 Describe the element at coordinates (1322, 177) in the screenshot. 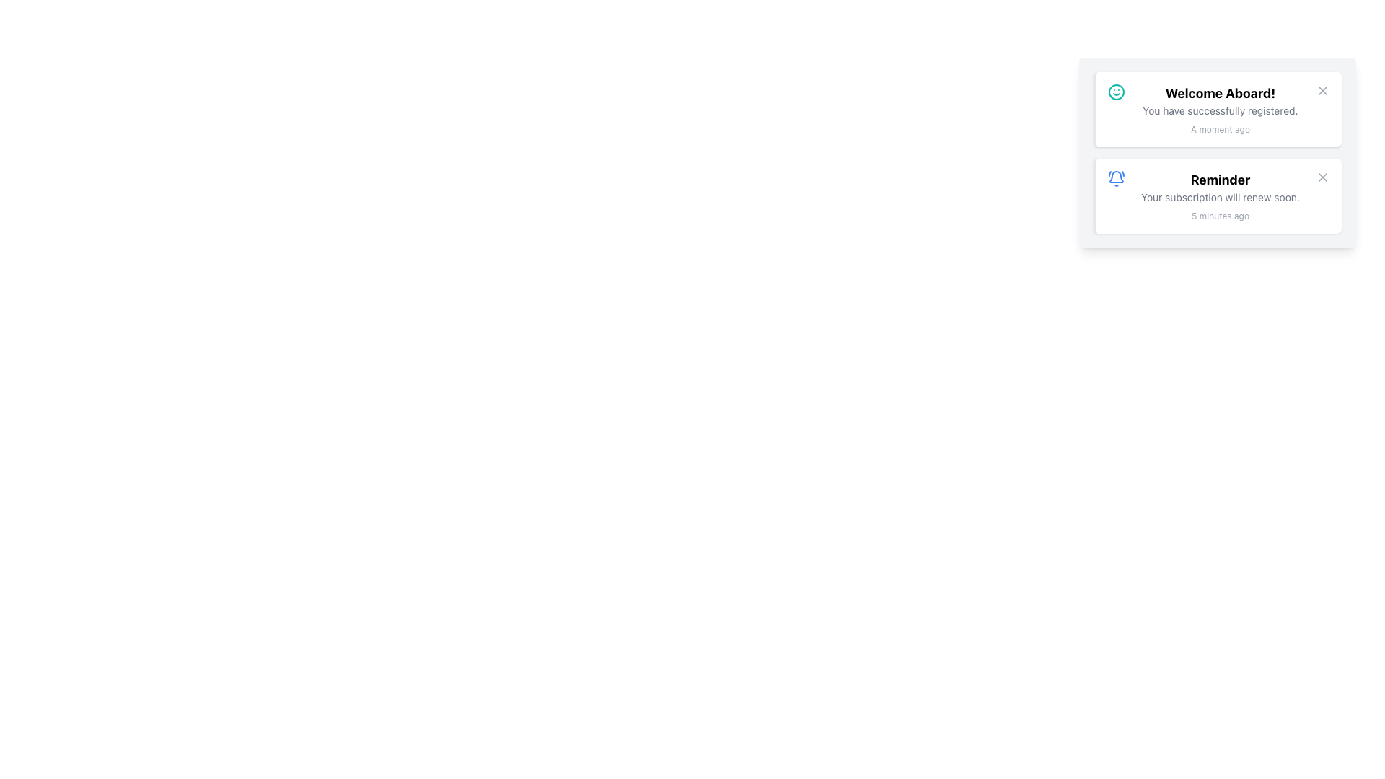

I see `the close/remove button located at the top-right corner of the 'Reminder' notification card to change its color` at that location.